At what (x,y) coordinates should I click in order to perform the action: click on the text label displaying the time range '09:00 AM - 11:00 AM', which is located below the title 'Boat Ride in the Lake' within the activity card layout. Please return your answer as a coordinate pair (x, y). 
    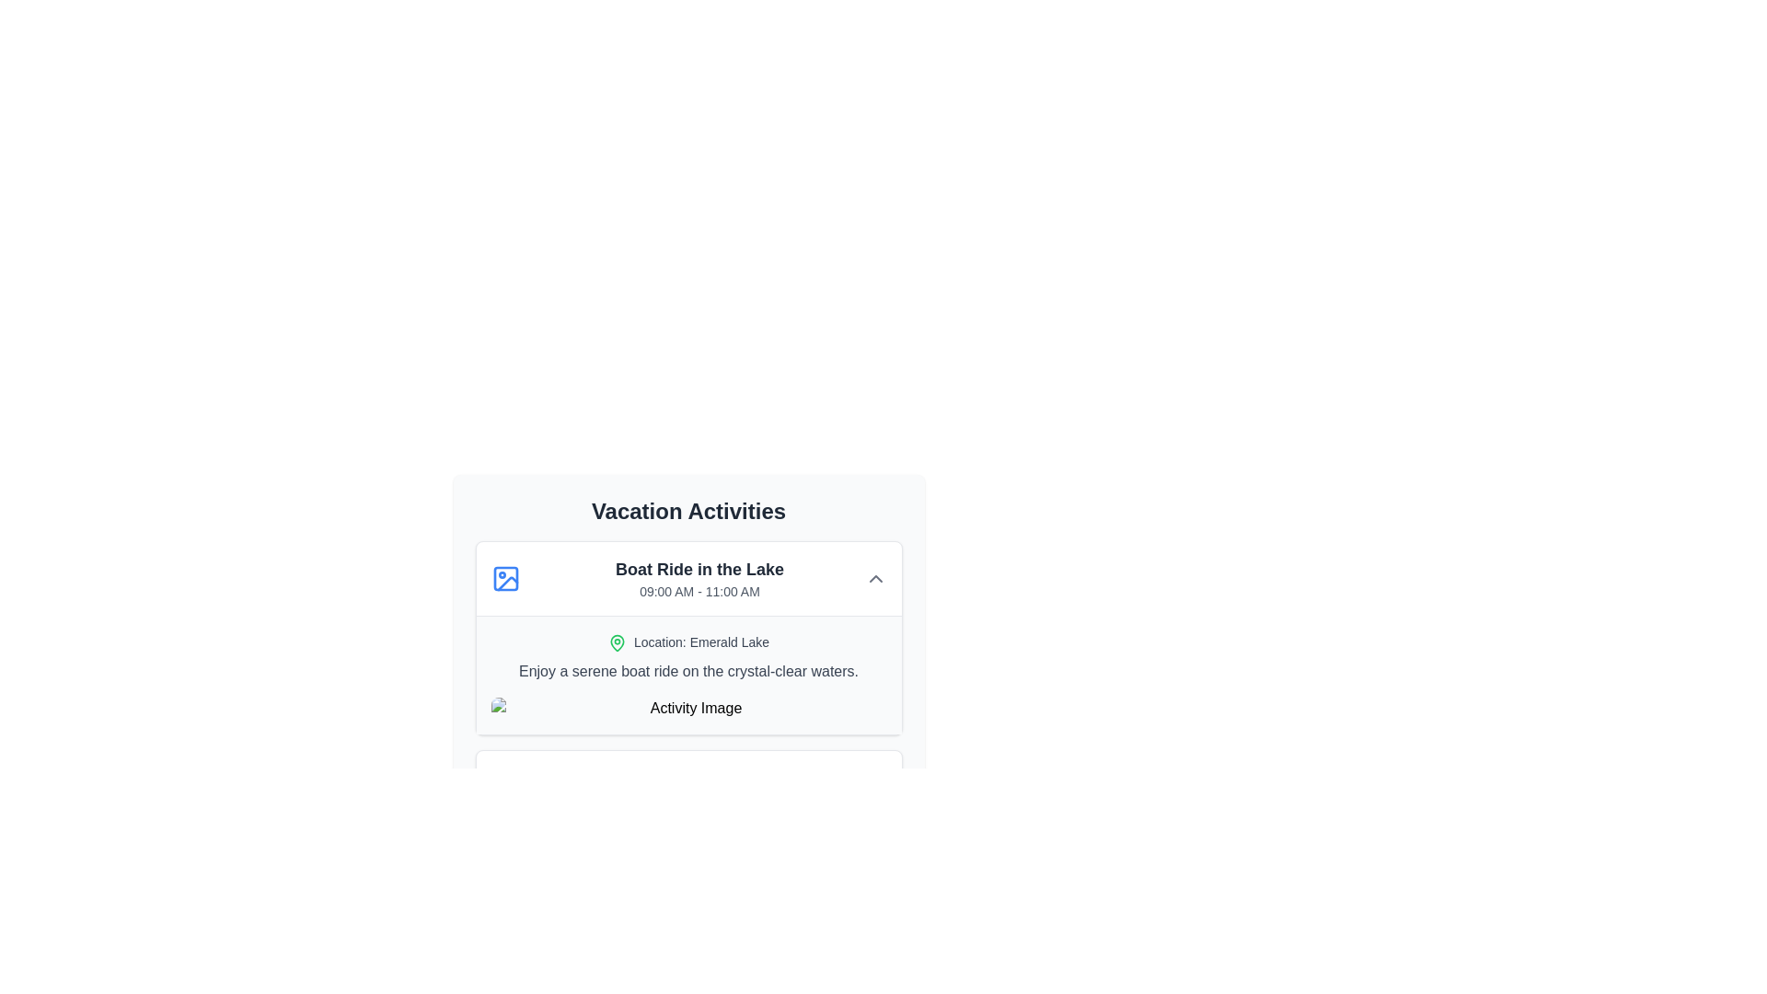
    Looking at the image, I should click on (699, 592).